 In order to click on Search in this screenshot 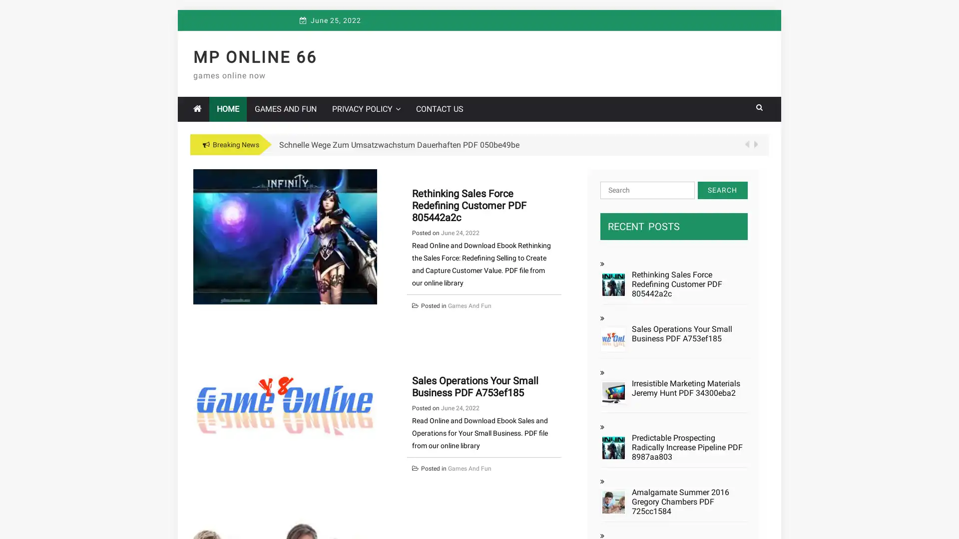, I will do `click(722, 190)`.